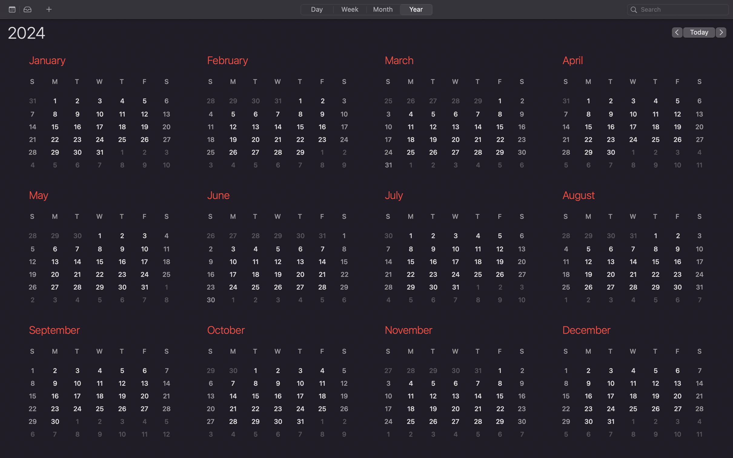 The width and height of the screenshot is (733, 458). I want to click on Preview the calendar entry on 13th March, so click(457, 127).